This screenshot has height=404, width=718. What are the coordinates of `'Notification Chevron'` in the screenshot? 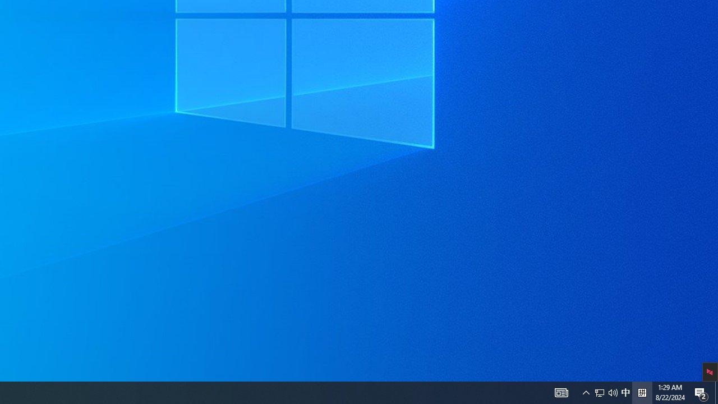 It's located at (613, 392).